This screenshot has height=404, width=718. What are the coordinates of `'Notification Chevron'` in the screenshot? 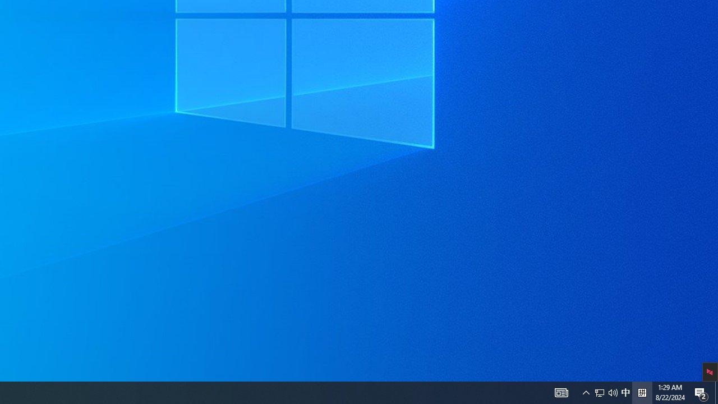 It's located at (613, 392).